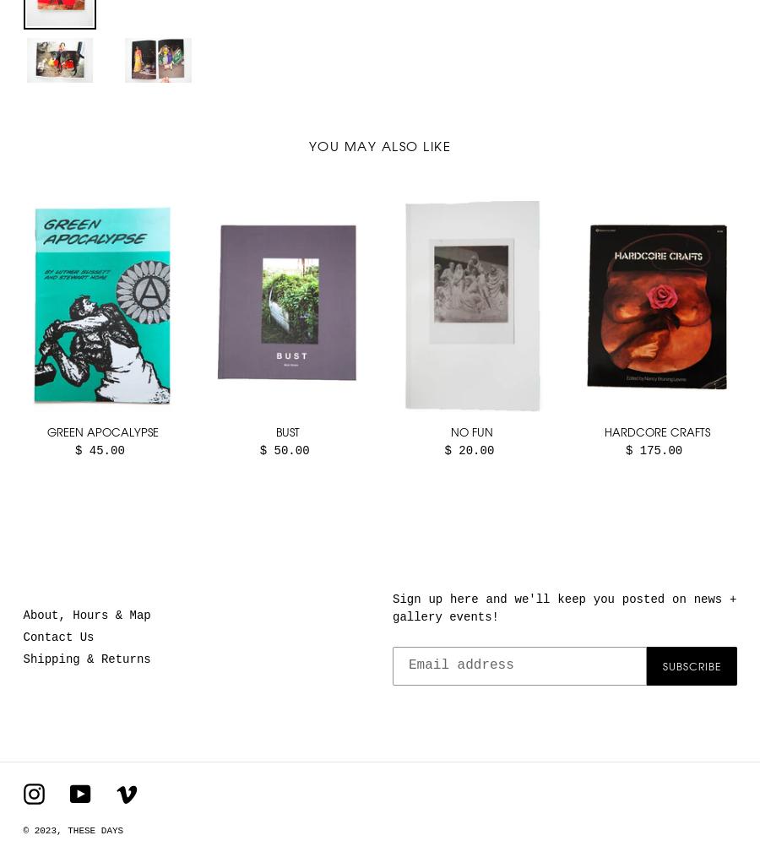 Image resolution: width=760 pixels, height=868 pixels. What do you see at coordinates (22, 828) in the screenshot?
I see `'© 2023,'` at bounding box center [22, 828].